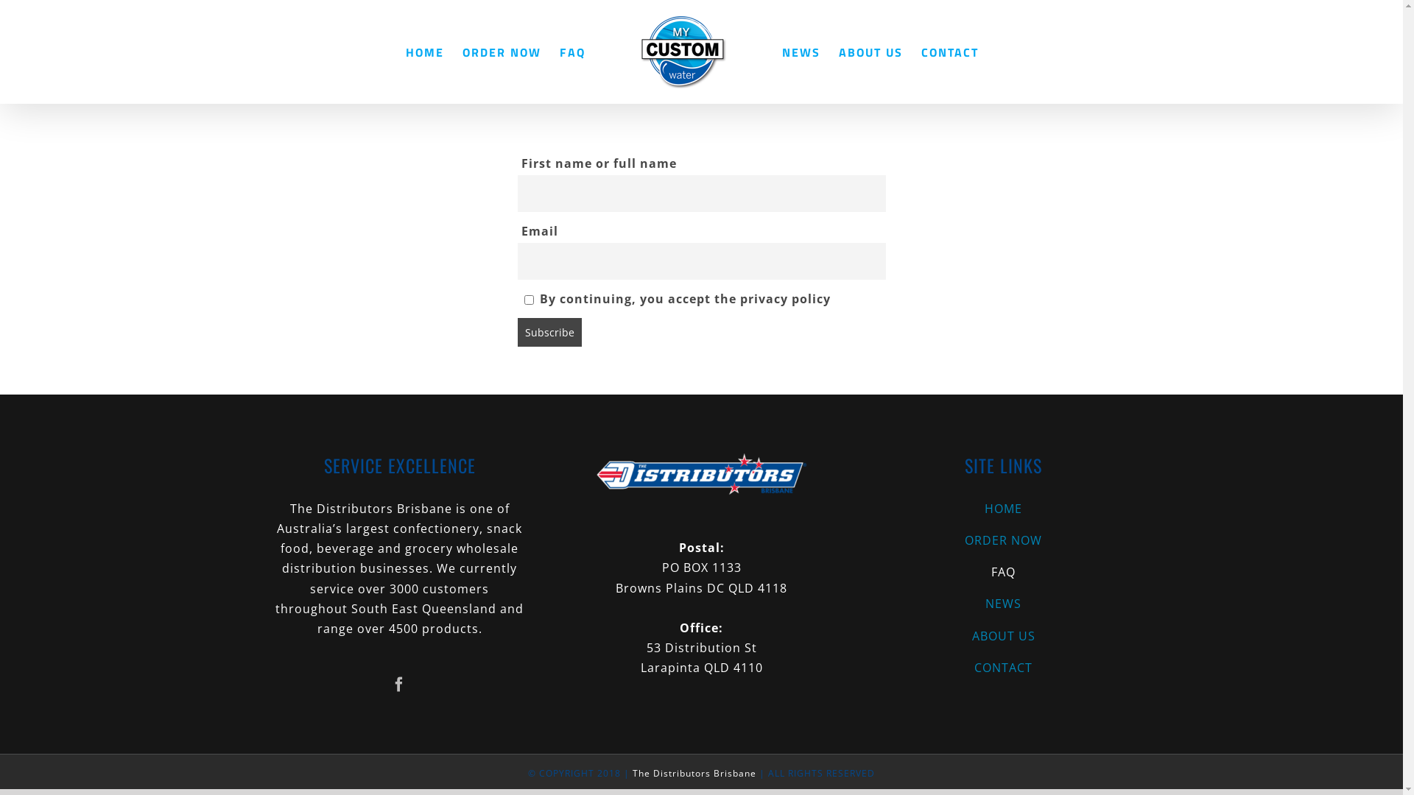 The image size is (1414, 795). Describe the element at coordinates (1002, 668) in the screenshot. I see `'CONTACT'` at that location.